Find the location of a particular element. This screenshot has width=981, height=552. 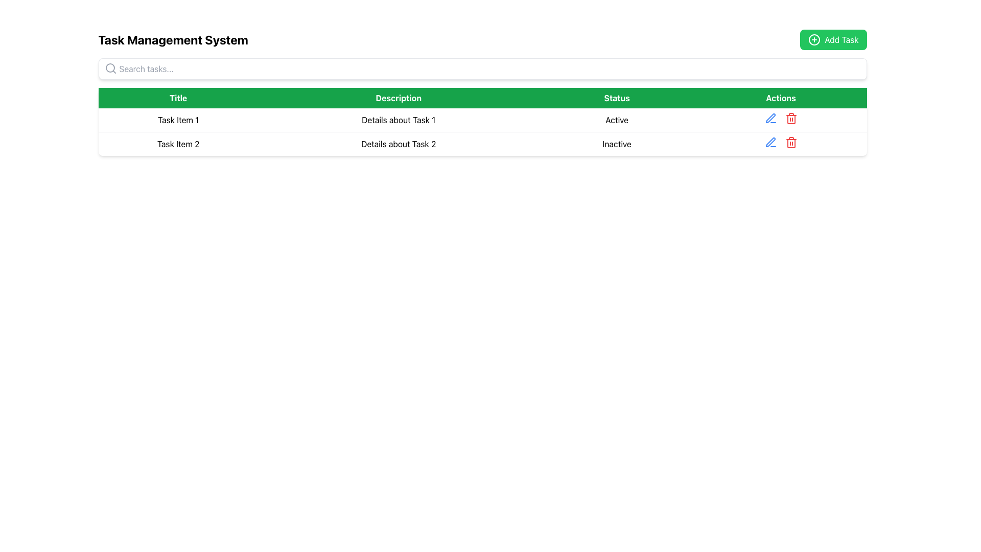

the edit icon button located in the 'Actions' column for 'Task Item 2' to initiate editing is located at coordinates (770, 118).